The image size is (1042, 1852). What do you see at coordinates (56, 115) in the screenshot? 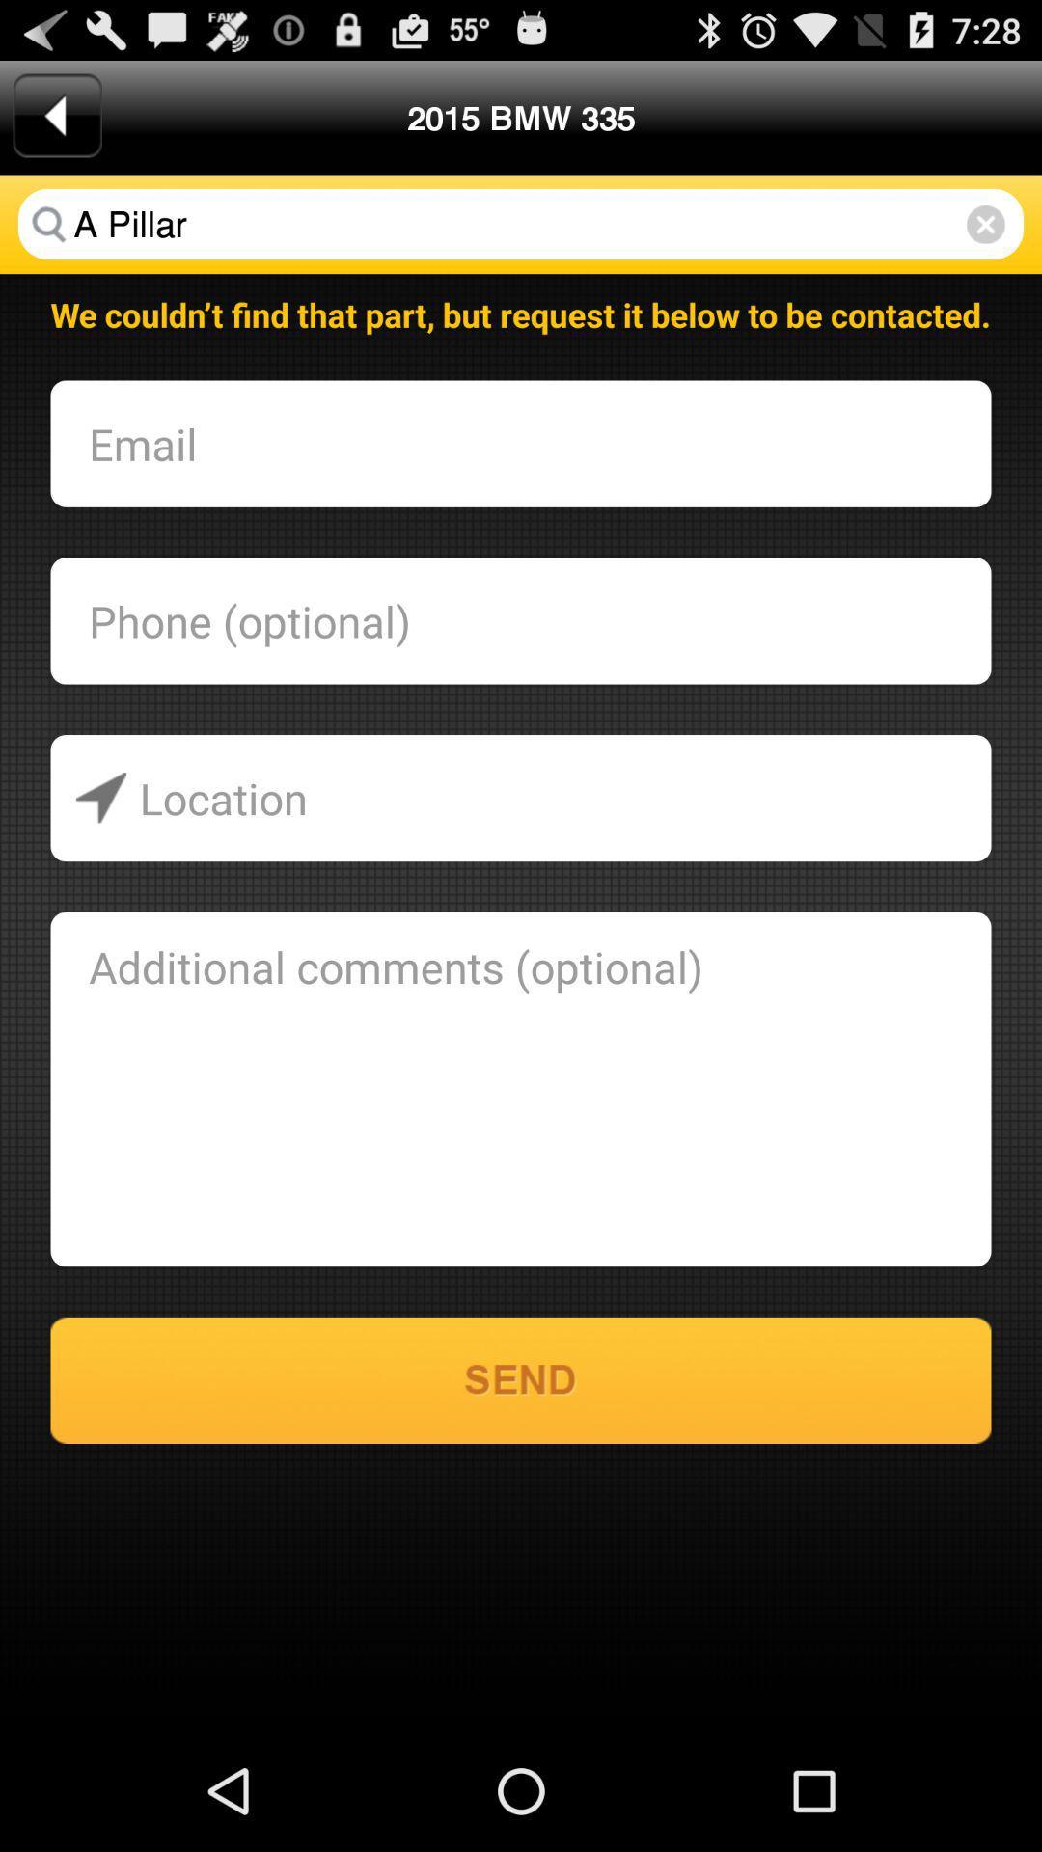
I see `the app to the left of the 2015 bmw 335 app` at bounding box center [56, 115].